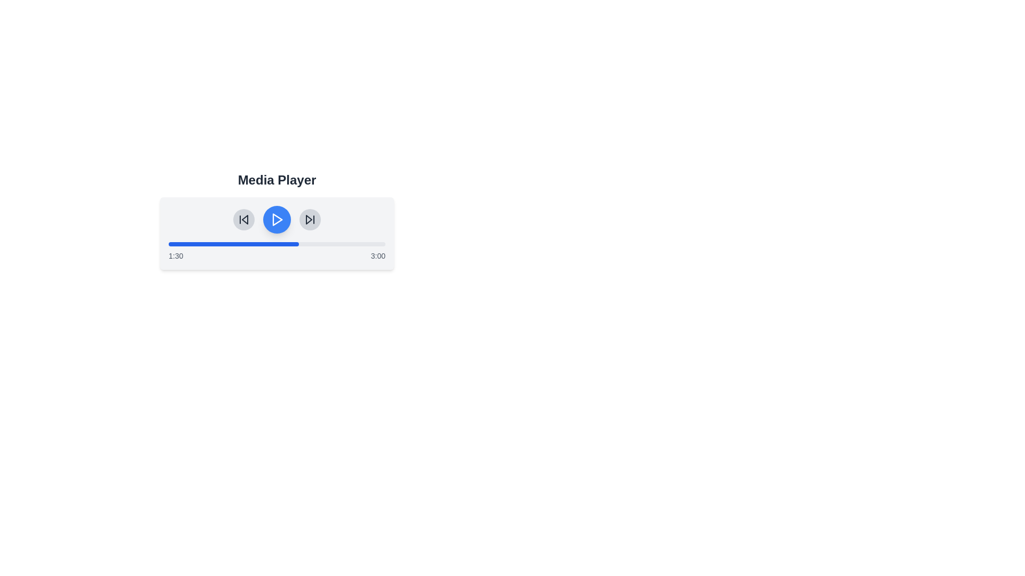 This screenshot has height=576, width=1025. Describe the element at coordinates (245, 219) in the screenshot. I see `the 'Skip Back' button icon in the media player's control panel, which is located on the leftmost side adjacent to the 'Play' button` at that location.